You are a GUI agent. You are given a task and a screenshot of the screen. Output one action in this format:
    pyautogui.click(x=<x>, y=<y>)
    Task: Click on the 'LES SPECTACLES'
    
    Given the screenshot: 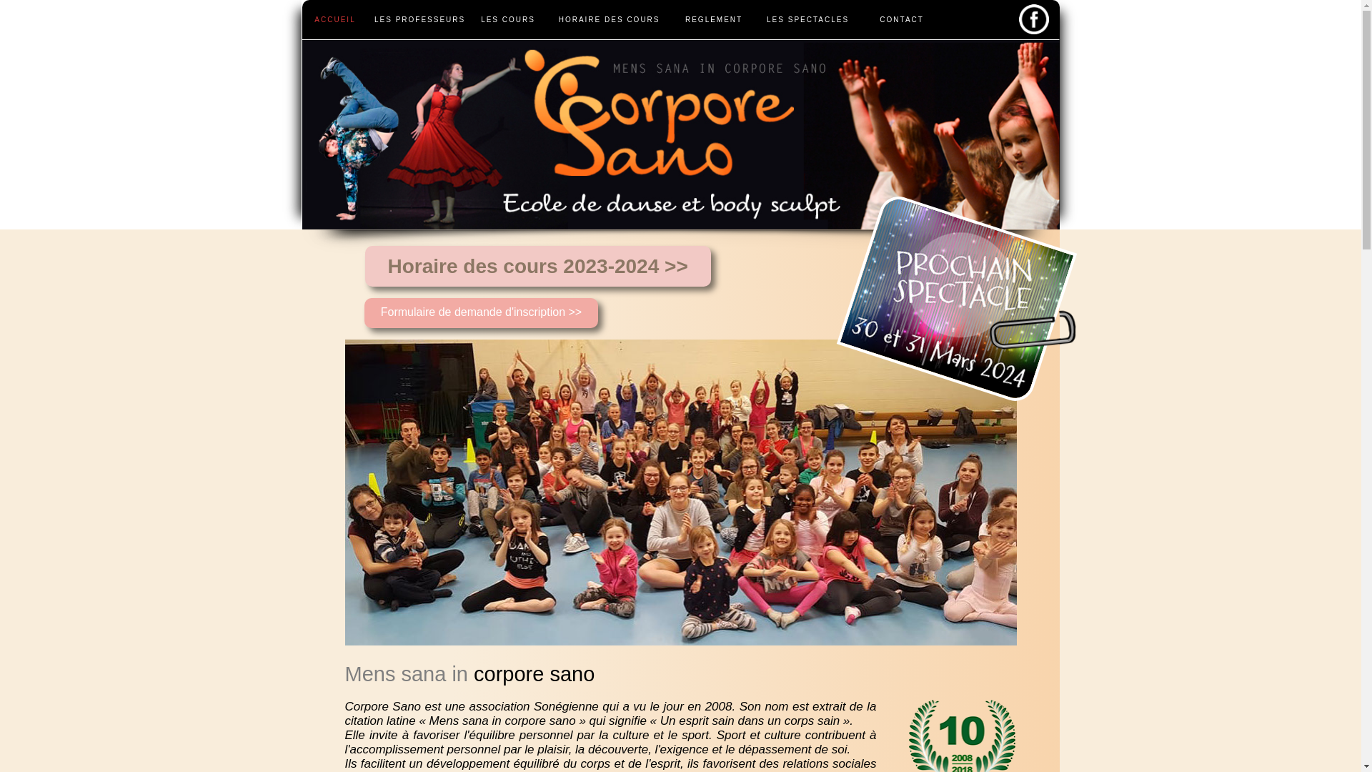 What is the action you would take?
    pyautogui.click(x=754, y=19)
    